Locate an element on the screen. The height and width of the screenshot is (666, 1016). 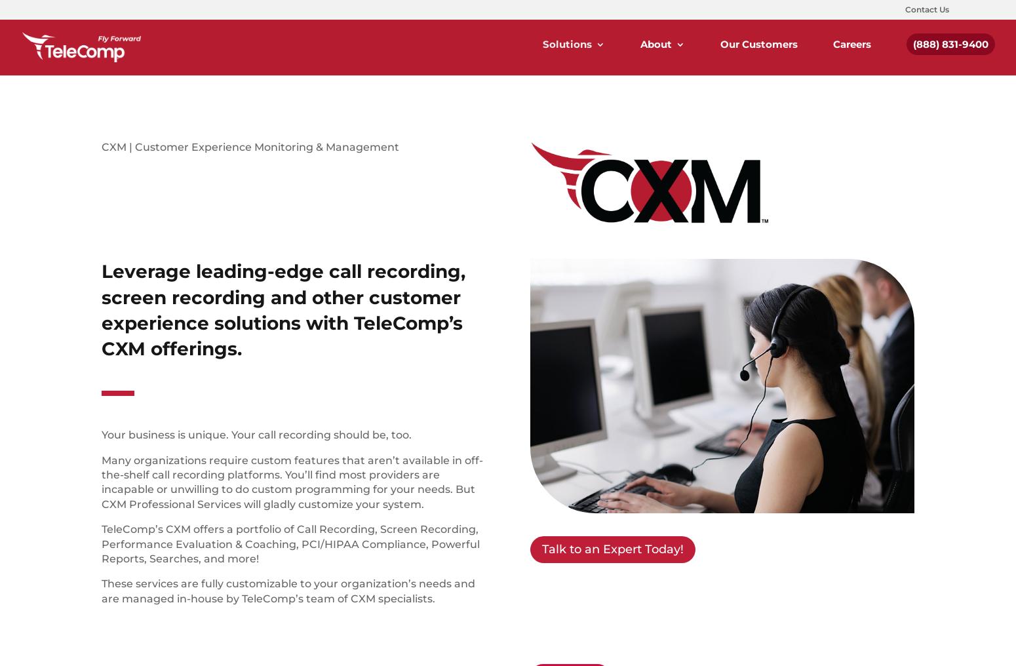
'On-Premise Phone Systems' is located at coordinates (635, 161).